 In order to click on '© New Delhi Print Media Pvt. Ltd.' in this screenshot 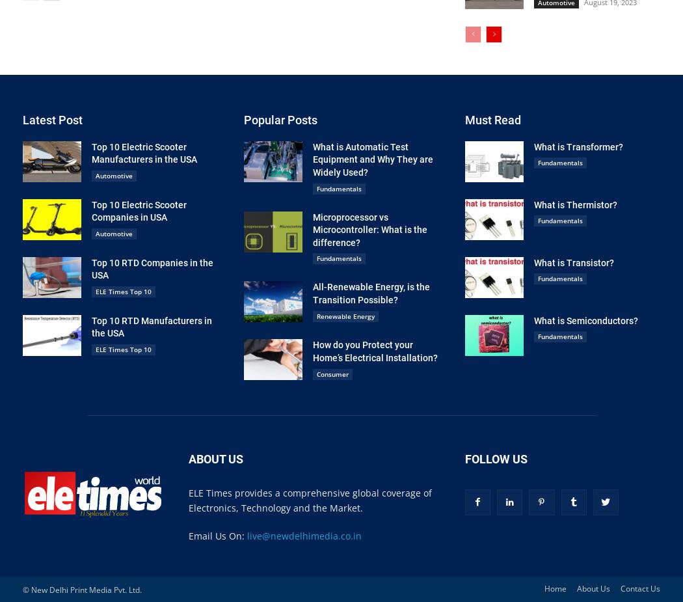, I will do `click(22, 589)`.